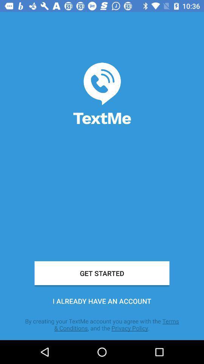 The image size is (204, 364). I want to click on i already have icon, so click(102, 301).